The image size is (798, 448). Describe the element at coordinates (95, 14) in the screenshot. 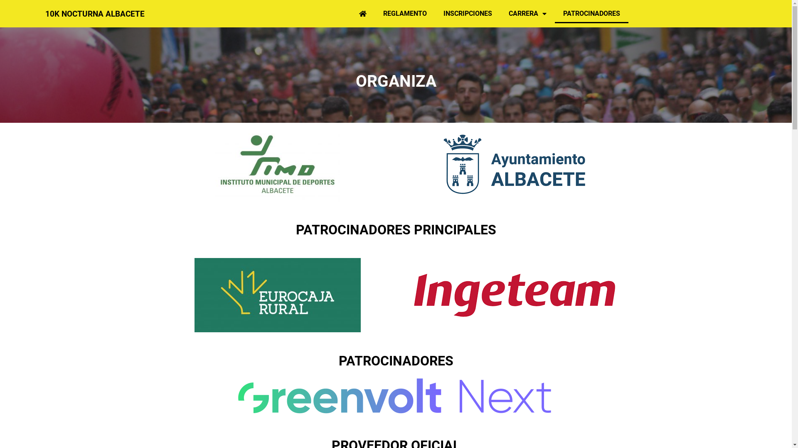

I see `'10K NOCTURNA ALBACETE'` at that location.